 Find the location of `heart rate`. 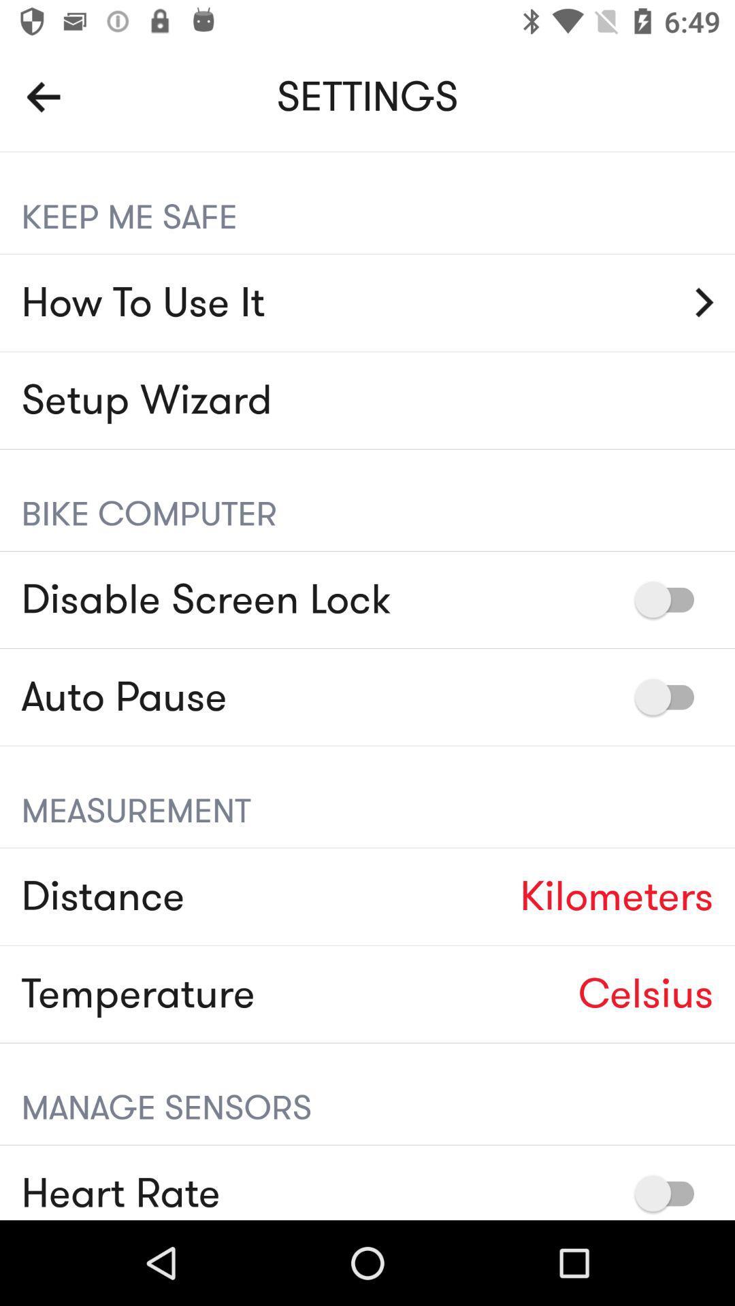

heart rate is located at coordinates (670, 1192).